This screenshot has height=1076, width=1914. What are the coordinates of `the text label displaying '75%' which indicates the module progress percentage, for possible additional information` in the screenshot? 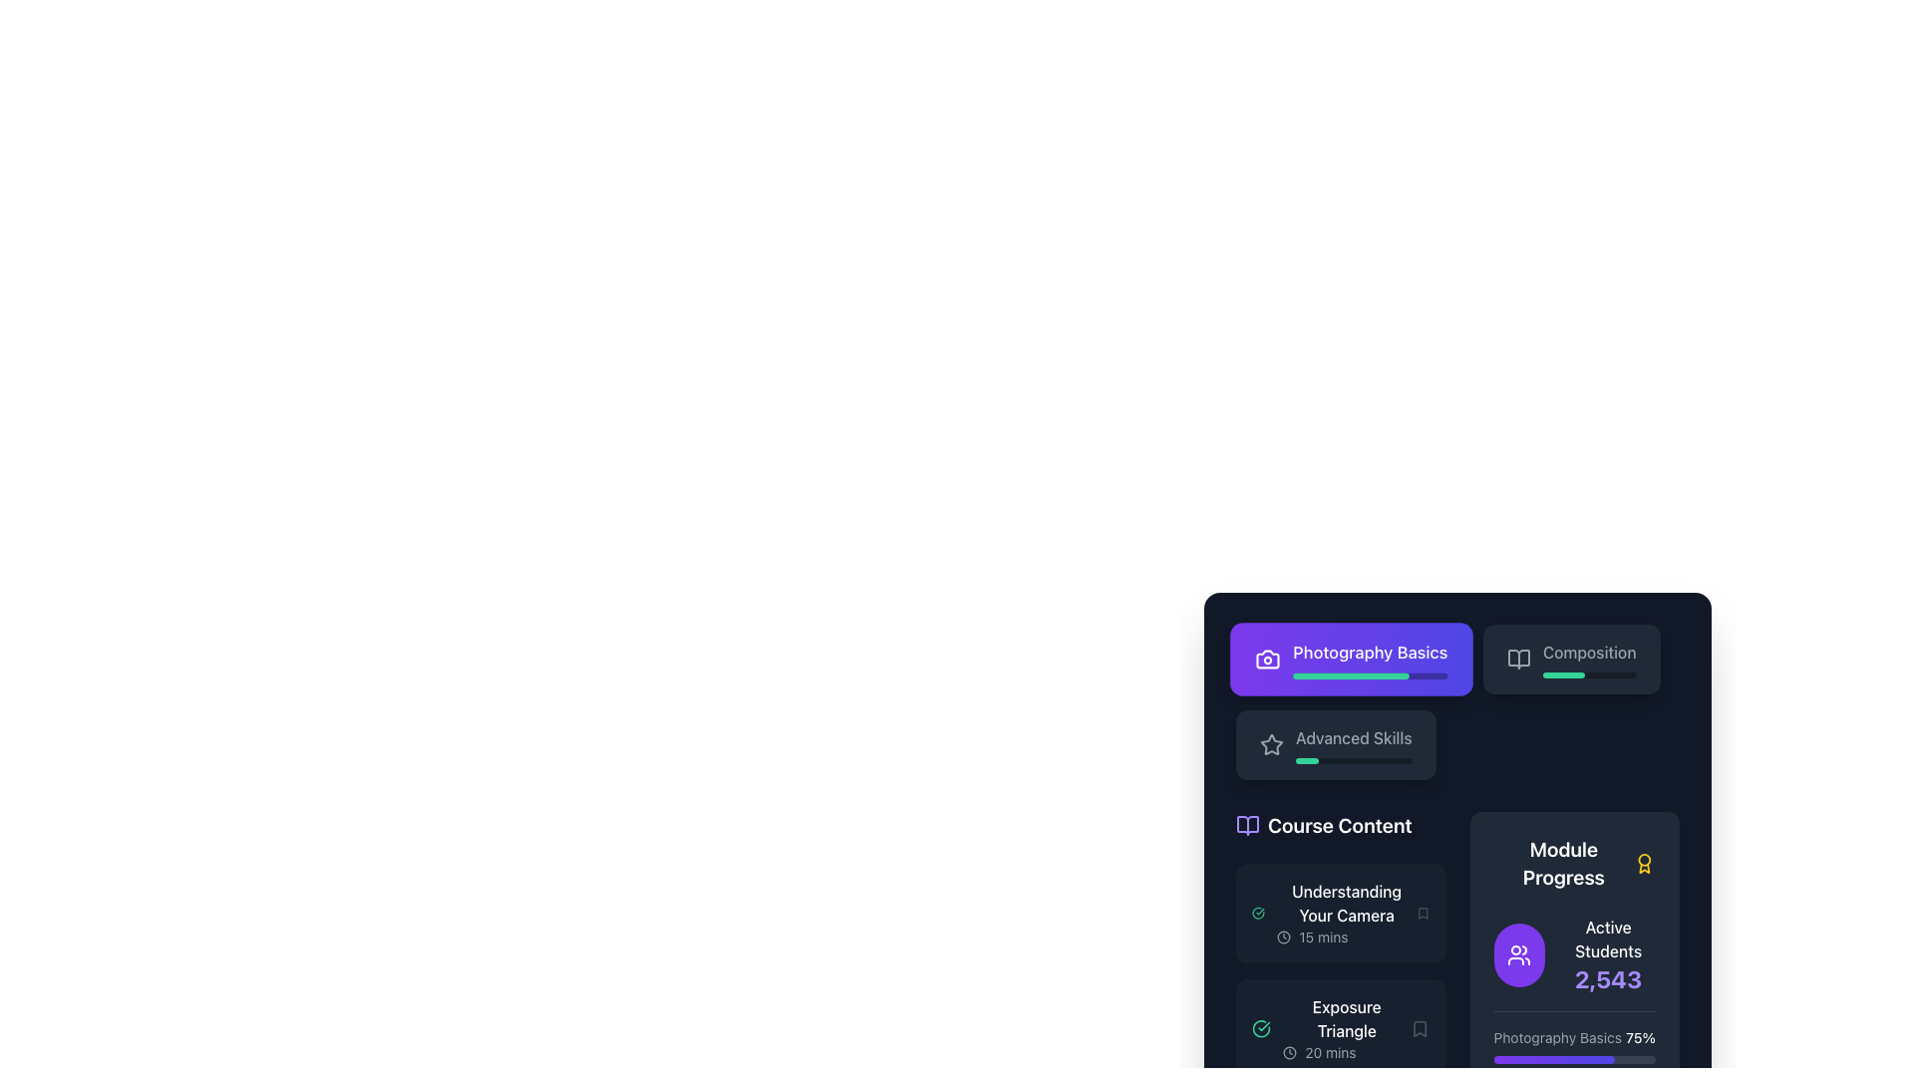 It's located at (1641, 1036).